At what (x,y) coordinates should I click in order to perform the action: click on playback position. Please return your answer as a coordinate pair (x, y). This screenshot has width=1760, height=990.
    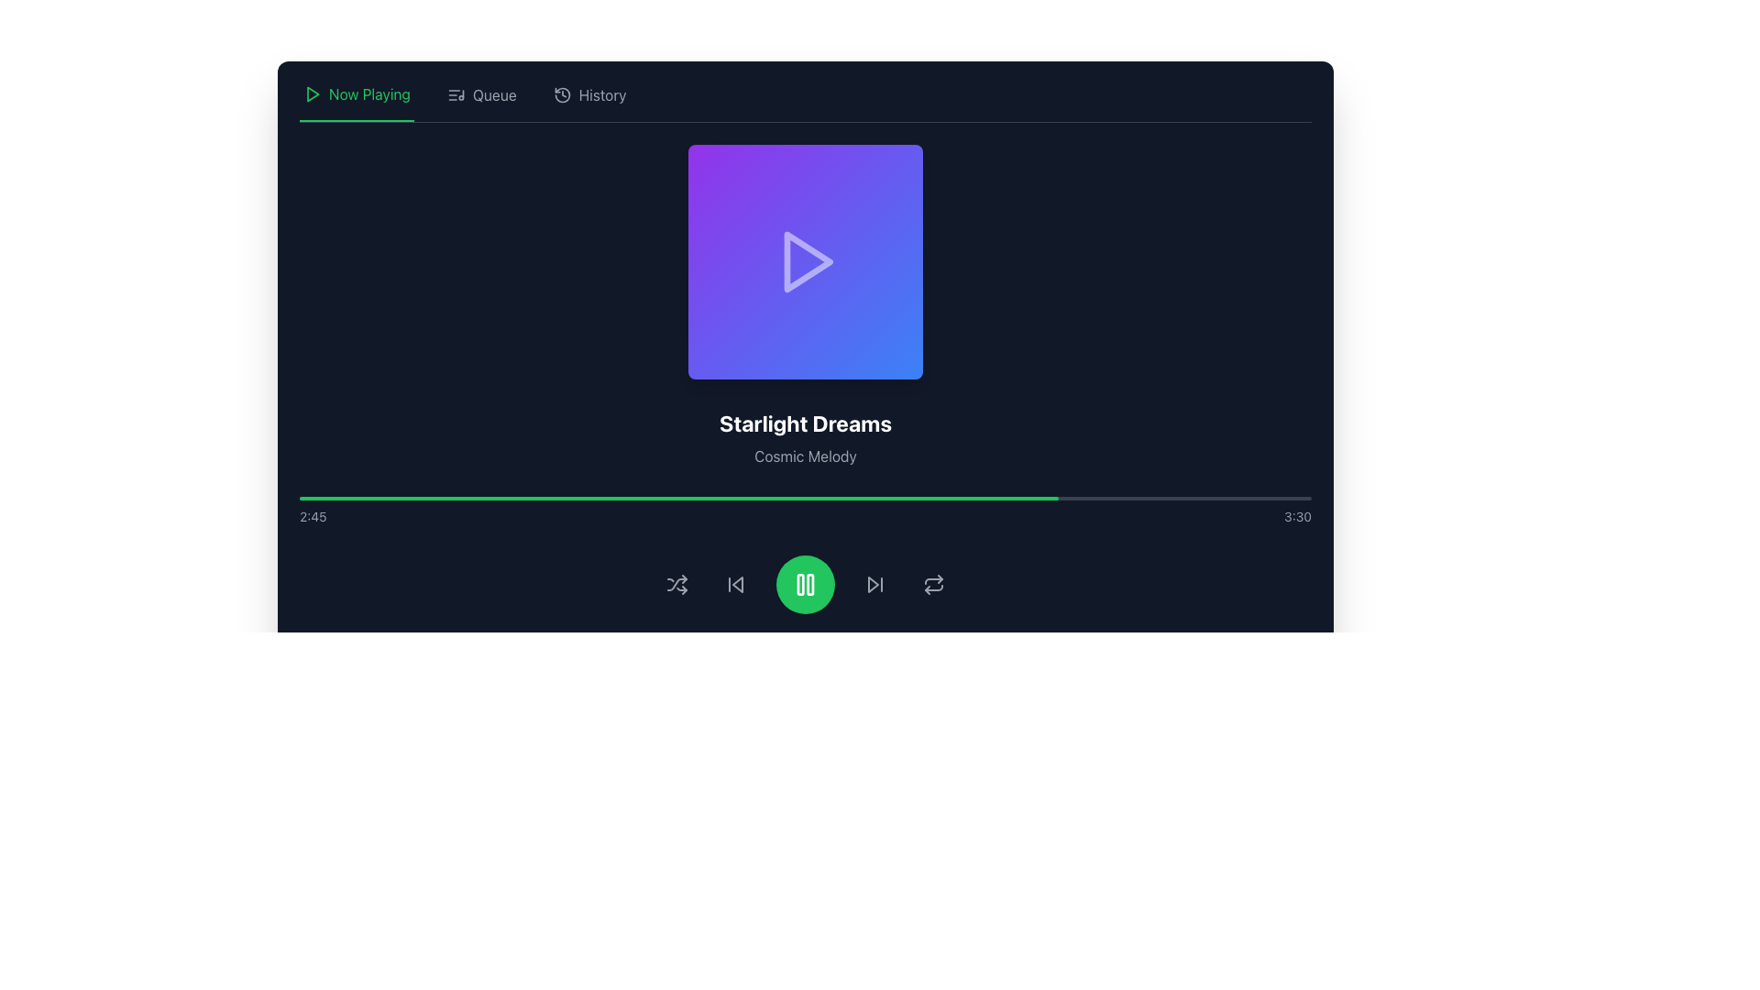
    Looking at the image, I should click on (749, 498).